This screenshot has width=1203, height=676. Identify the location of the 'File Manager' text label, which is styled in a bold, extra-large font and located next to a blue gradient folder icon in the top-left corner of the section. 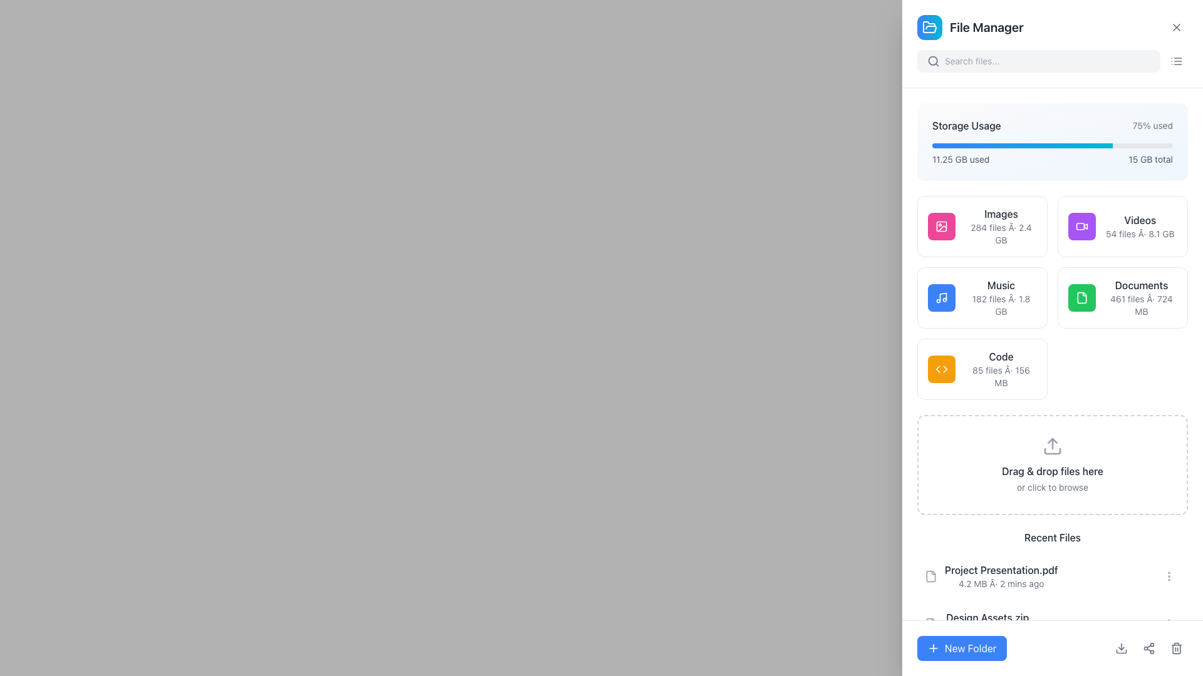
(969, 27).